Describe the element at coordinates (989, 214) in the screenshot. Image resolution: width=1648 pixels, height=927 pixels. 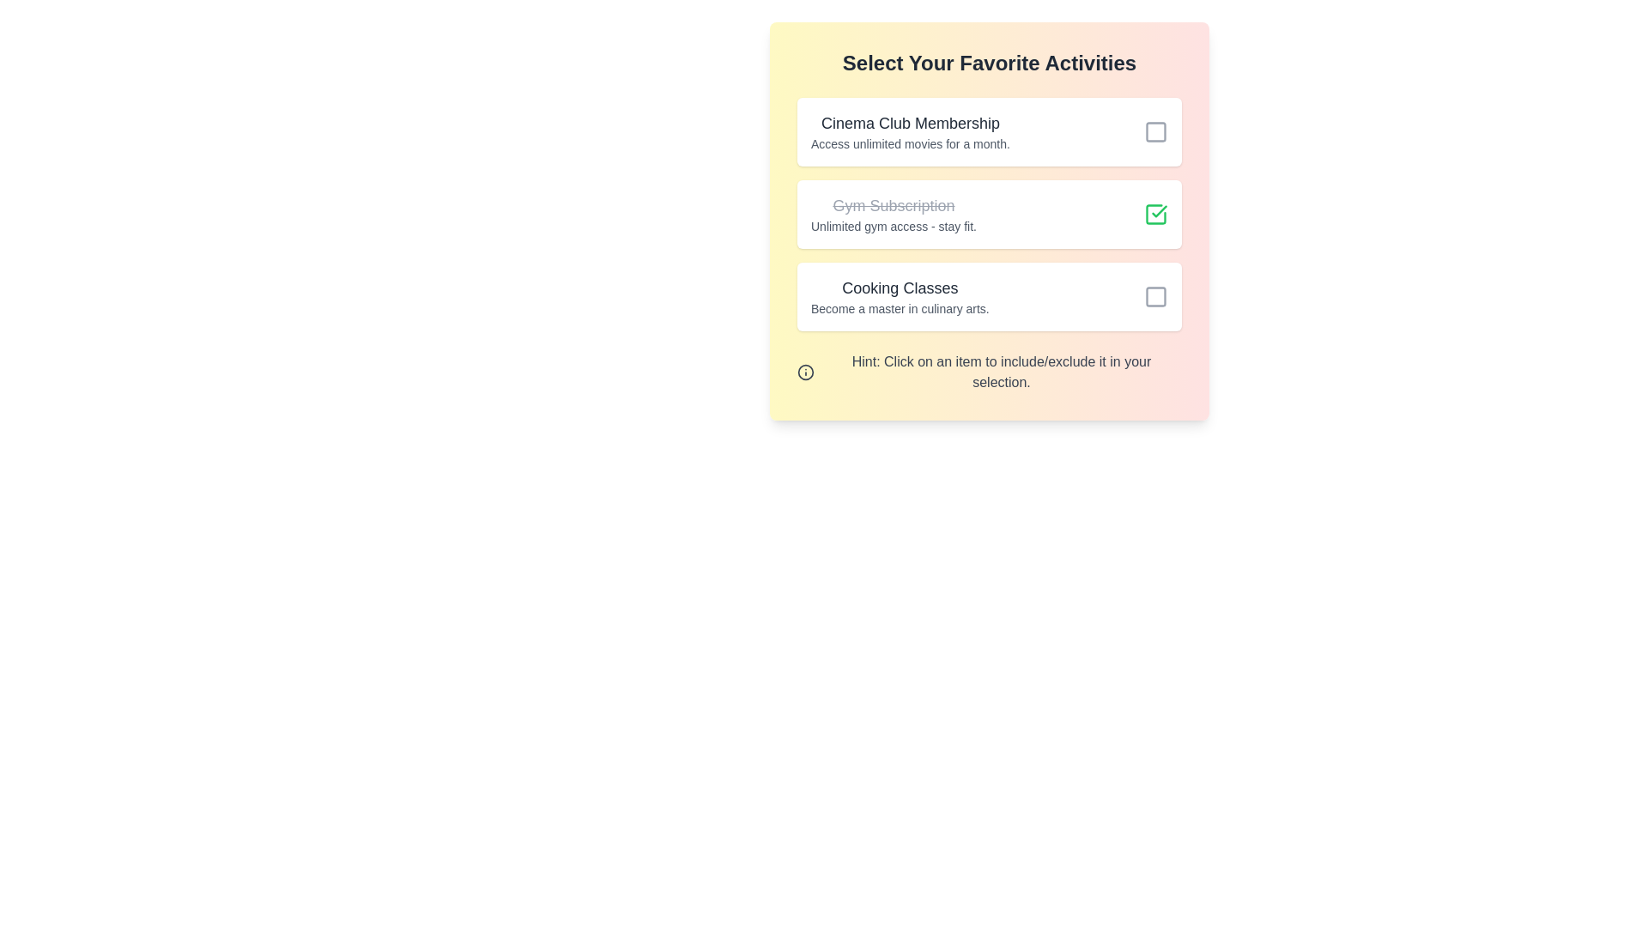
I see `the checkbox of the second item in the list of subscription options, which is the 'Gym Subscription'` at that location.